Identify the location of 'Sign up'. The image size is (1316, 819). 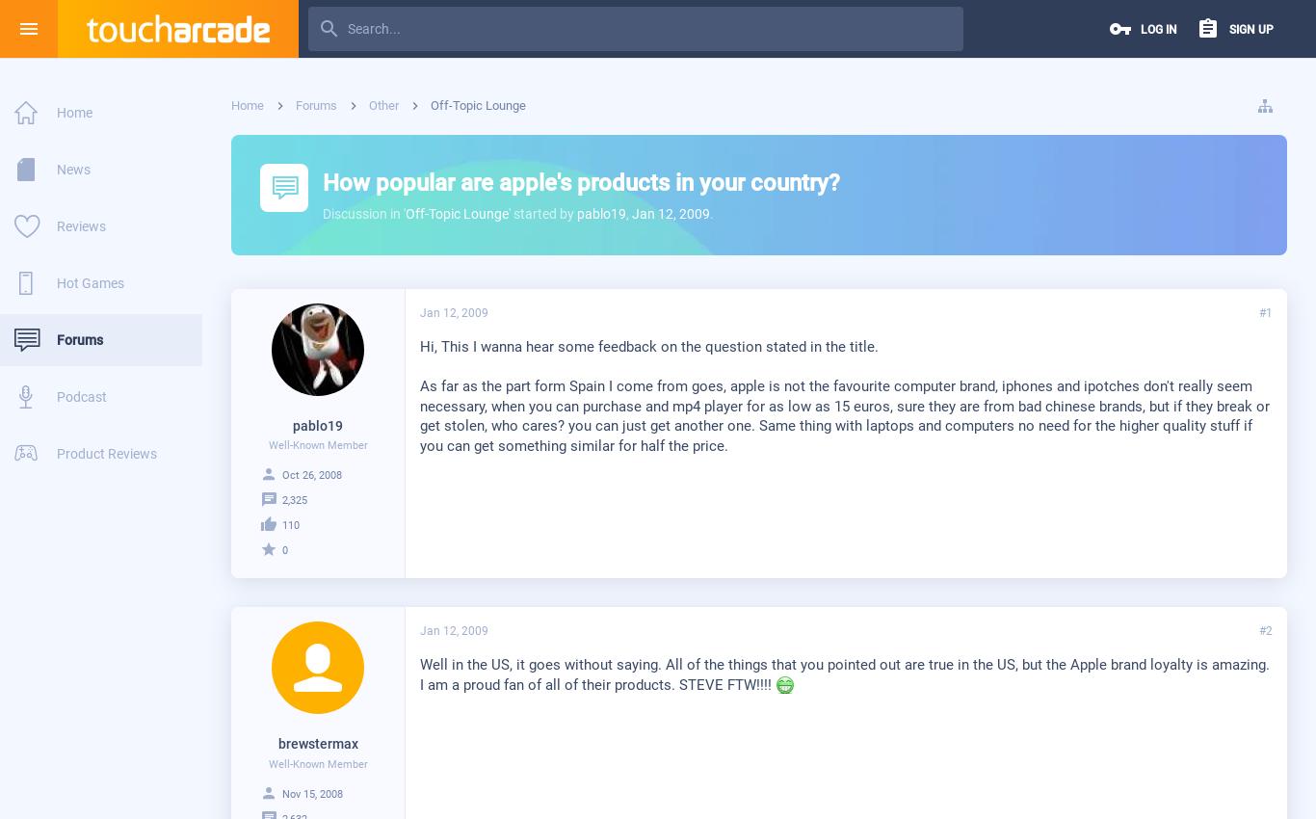
(1250, 29).